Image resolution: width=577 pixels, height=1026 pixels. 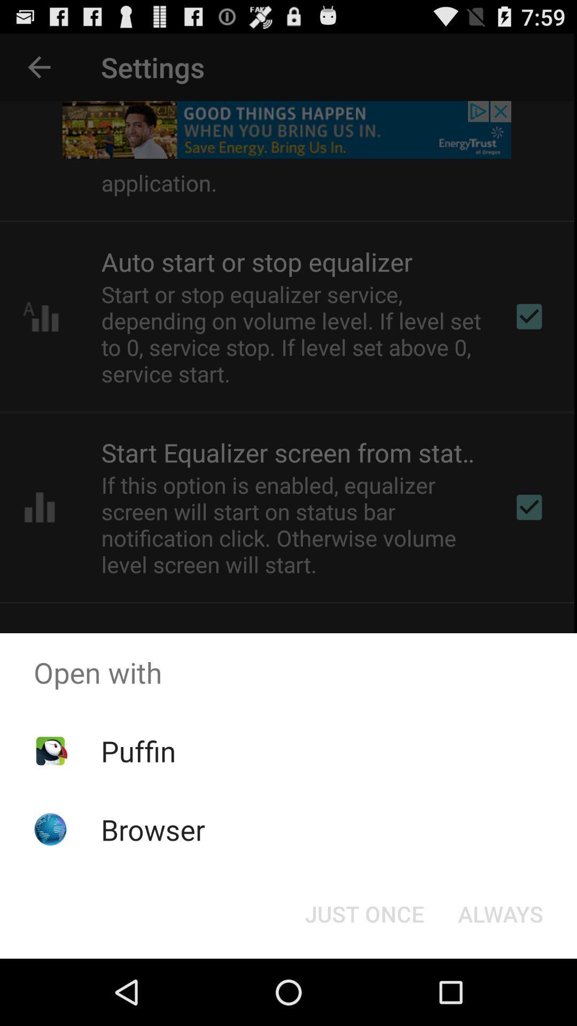 What do you see at coordinates (153, 829) in the screenshot?
I see `the browser app` at bounding box center [153, 829].